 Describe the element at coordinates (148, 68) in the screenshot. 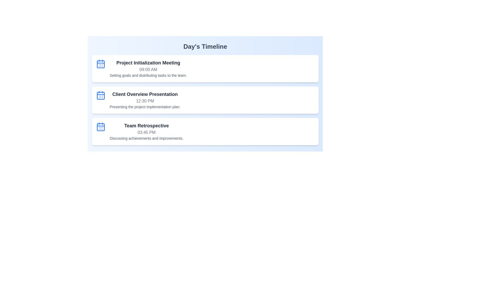

I see `text block containing 'Project Initialization Meeting' along with its details like time and description, located at the top of the event list under 'Day's Timeline'` at that location.